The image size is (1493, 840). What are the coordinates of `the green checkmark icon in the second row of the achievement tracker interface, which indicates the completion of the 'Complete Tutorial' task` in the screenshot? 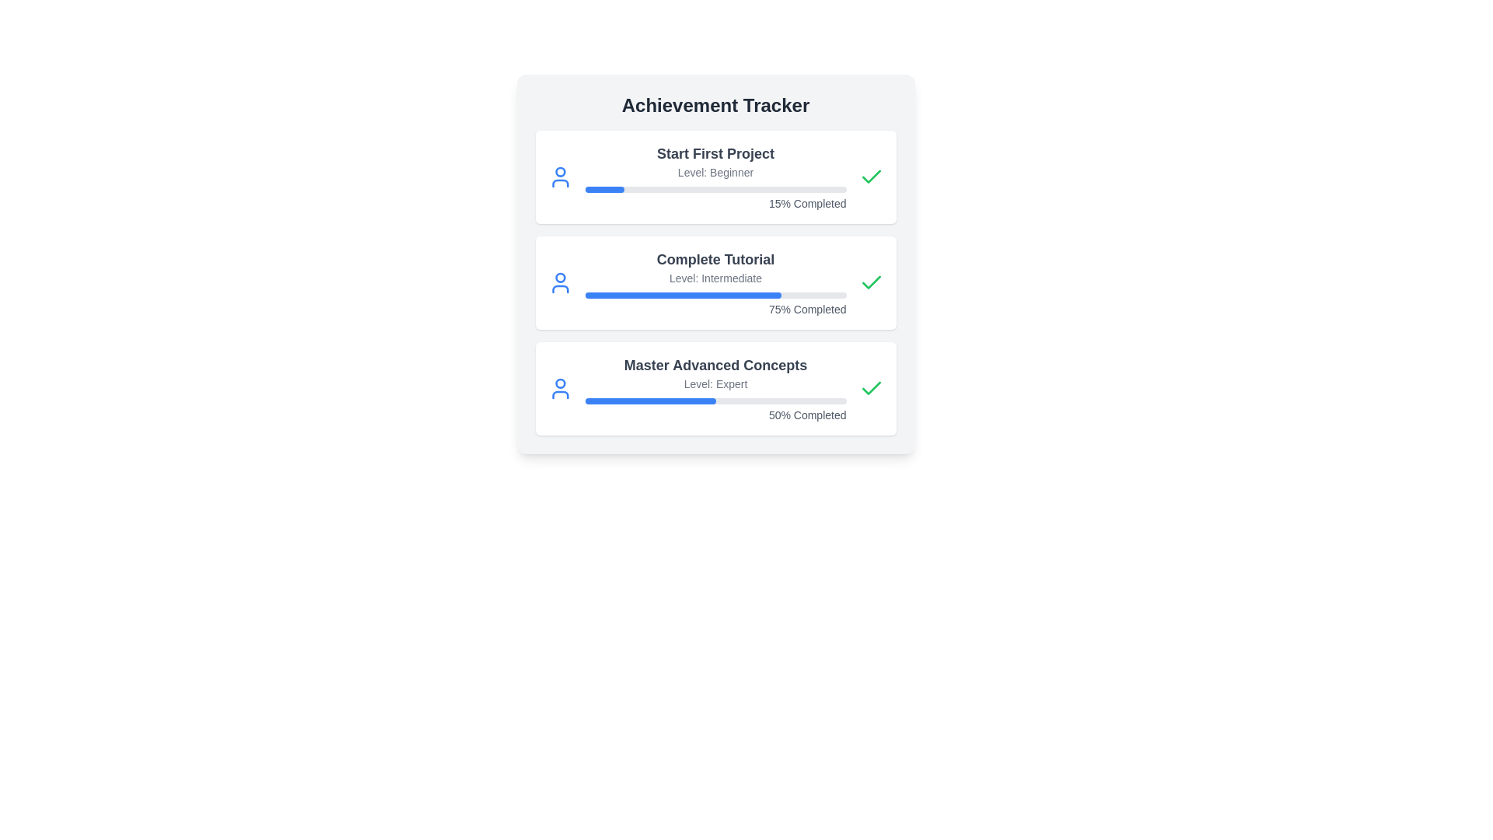 It's located at (871, 282).